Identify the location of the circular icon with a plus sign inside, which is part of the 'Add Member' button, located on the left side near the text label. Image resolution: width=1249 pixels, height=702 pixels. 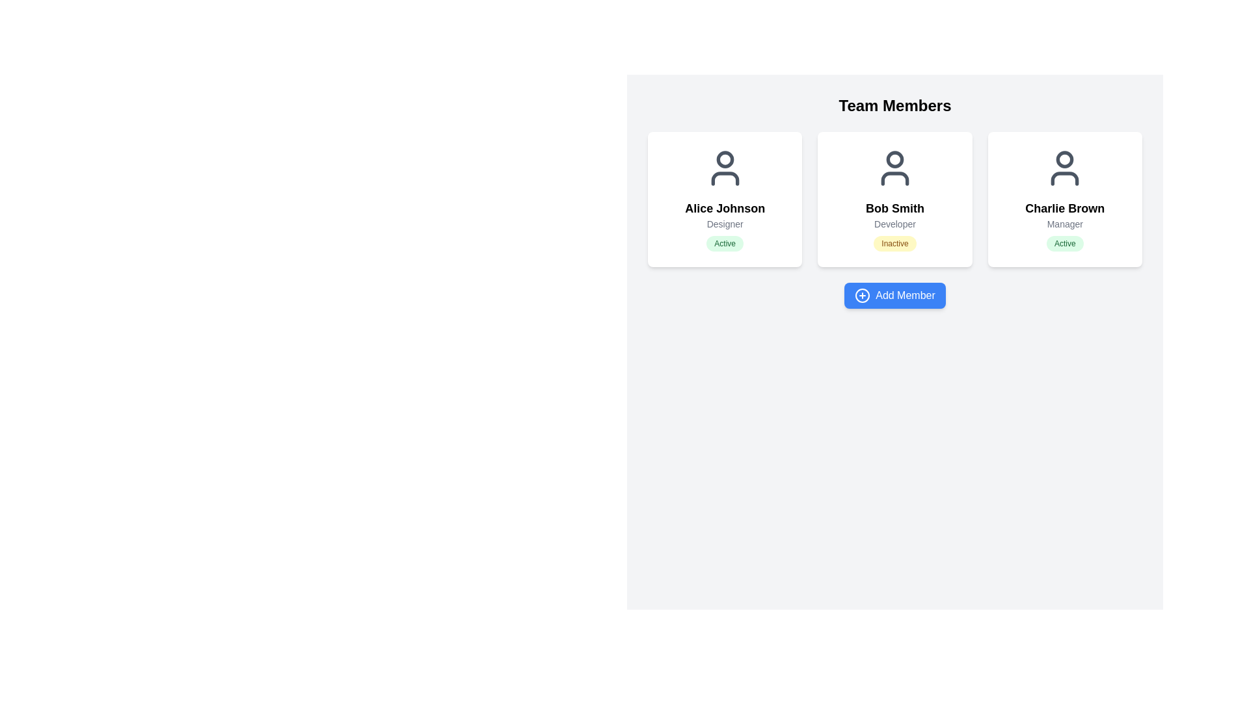
(863, 296).